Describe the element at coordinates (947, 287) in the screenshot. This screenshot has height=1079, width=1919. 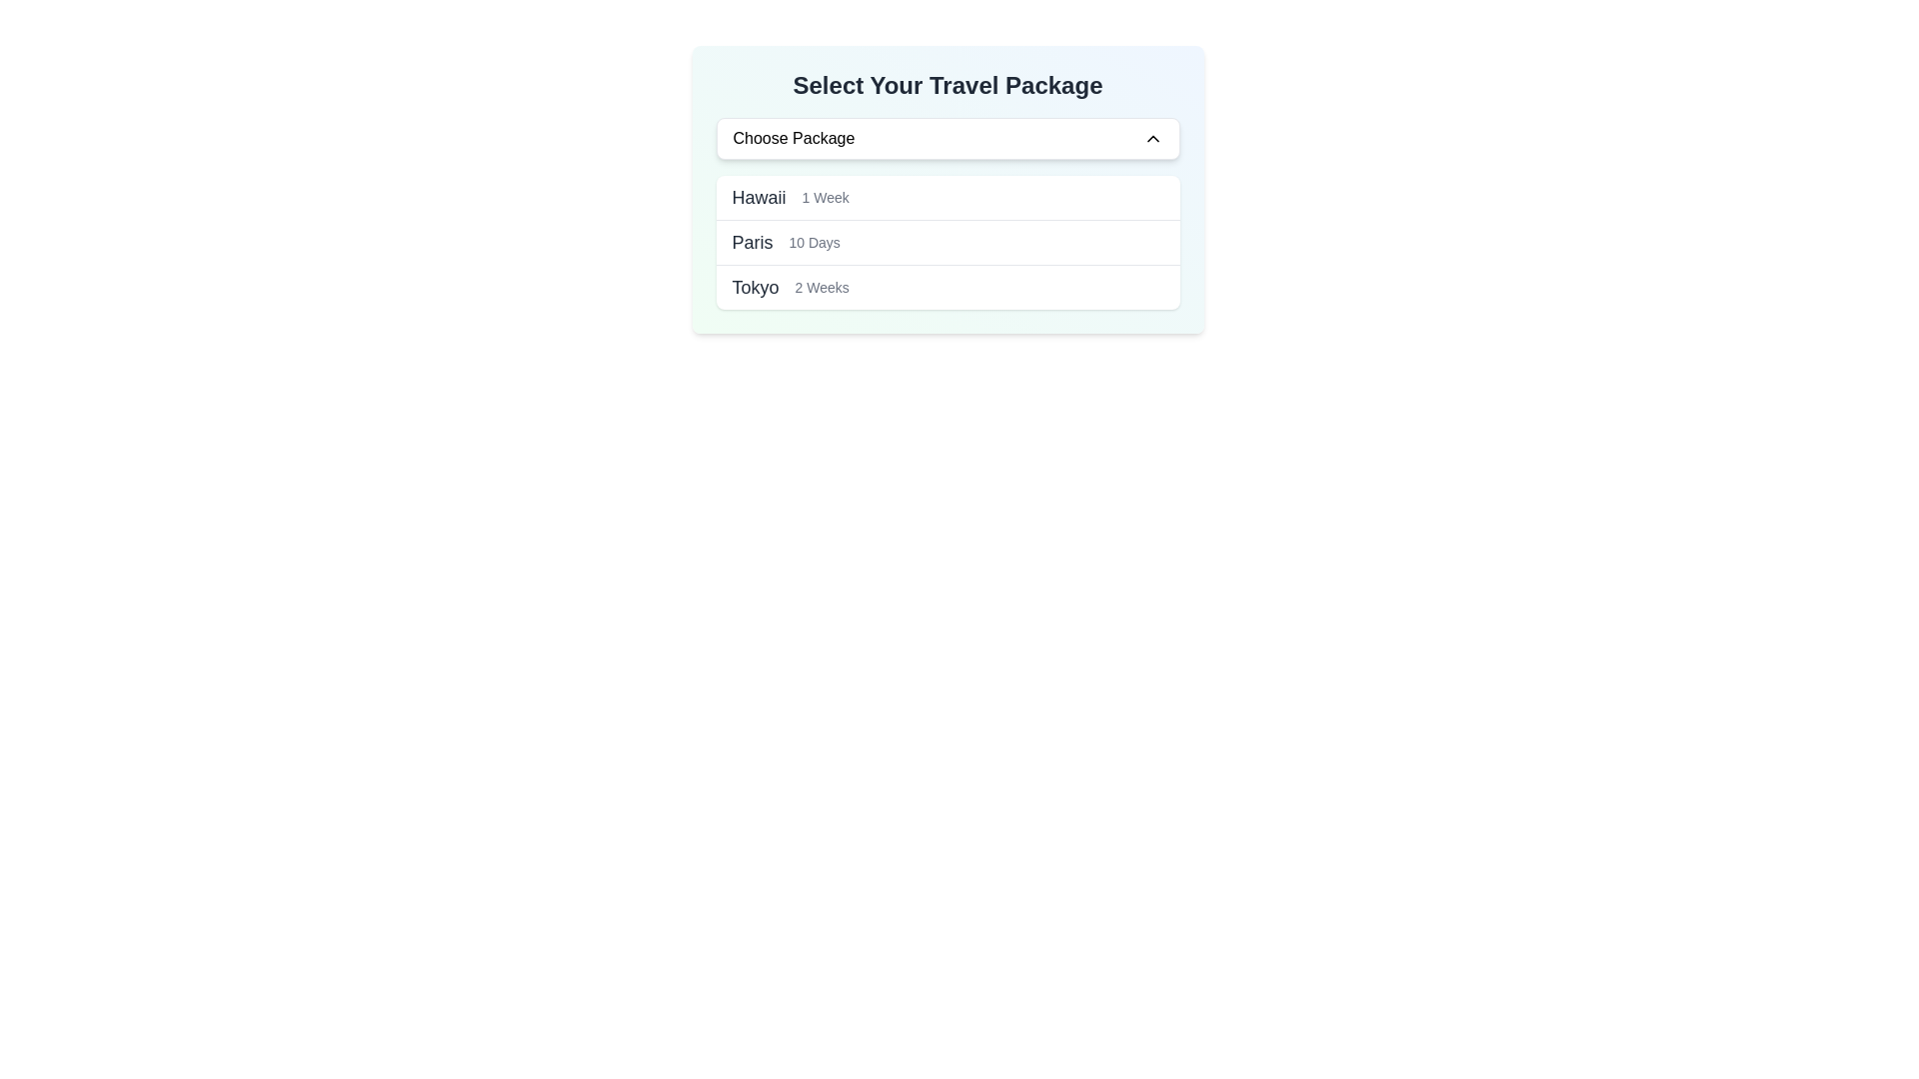
I see `the travel package option displaying 'Tokyo' in bold and '2 Weeks' in a smaller font` at that location.